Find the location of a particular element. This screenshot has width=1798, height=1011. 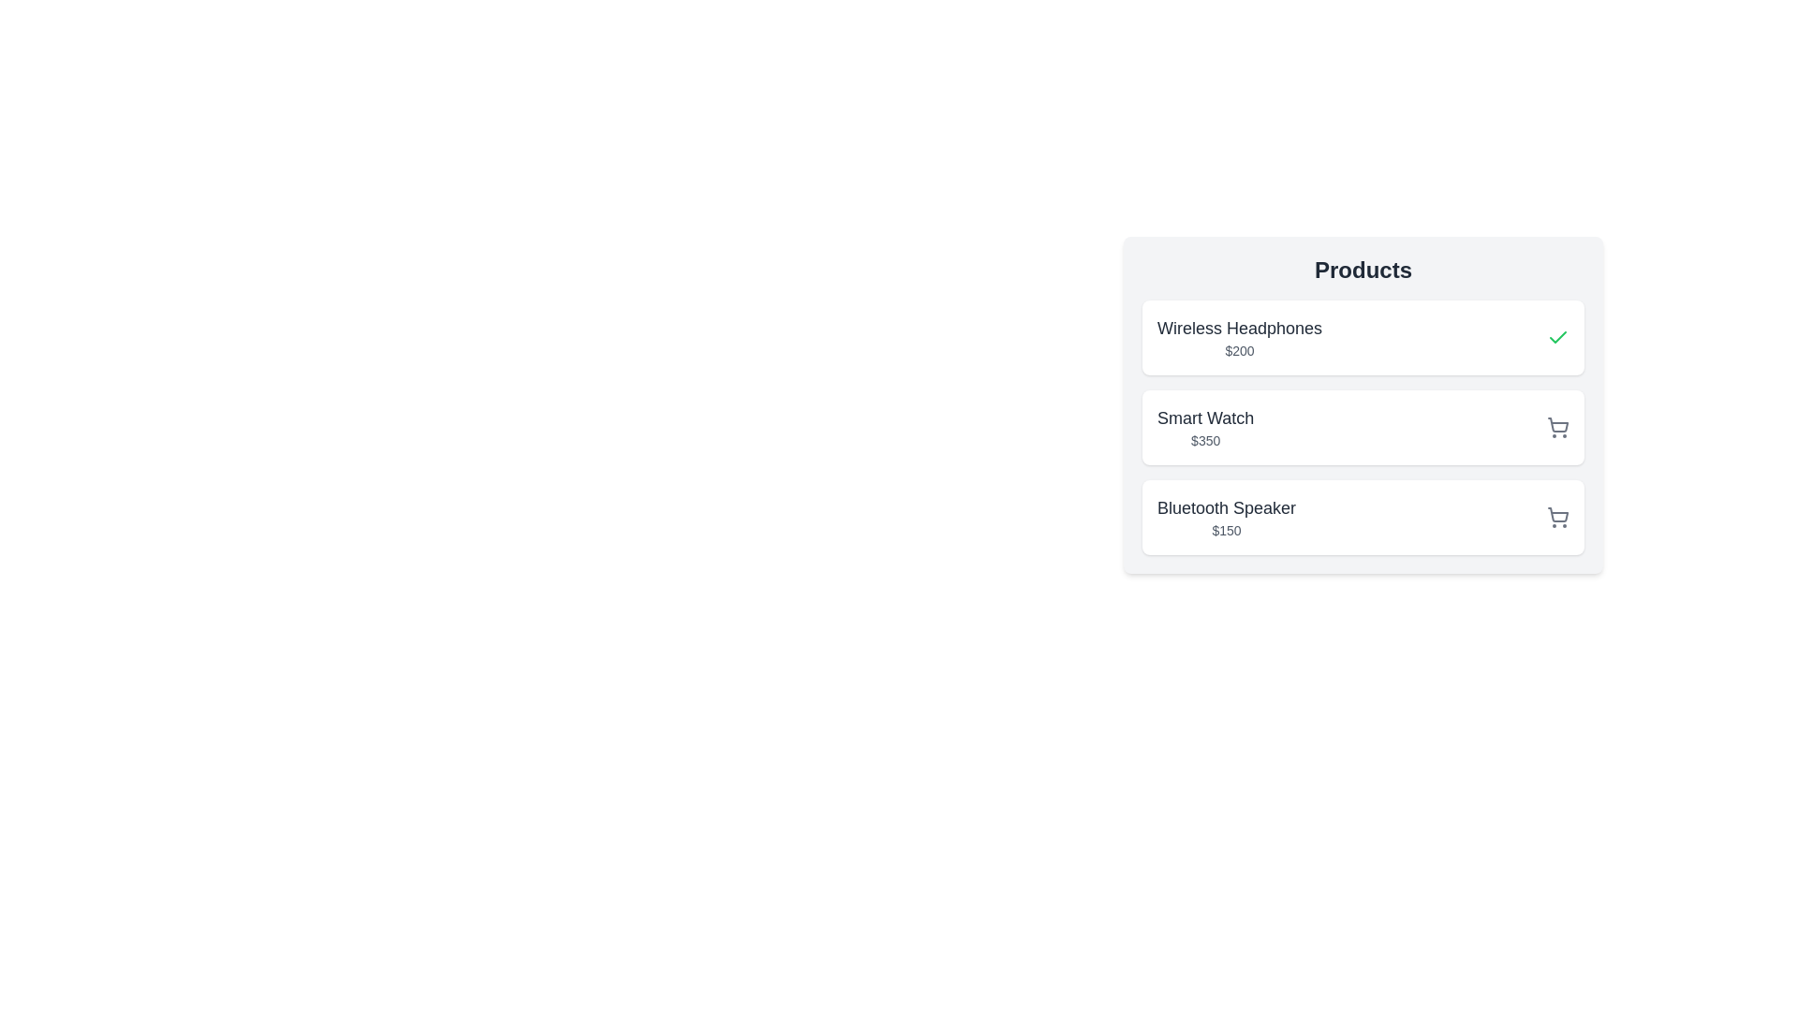

the Text Label displaying 'Wireless Headphones', which is located at the top of the 'Products' section, above the '$200' text is located at coordinates (1240, 328).